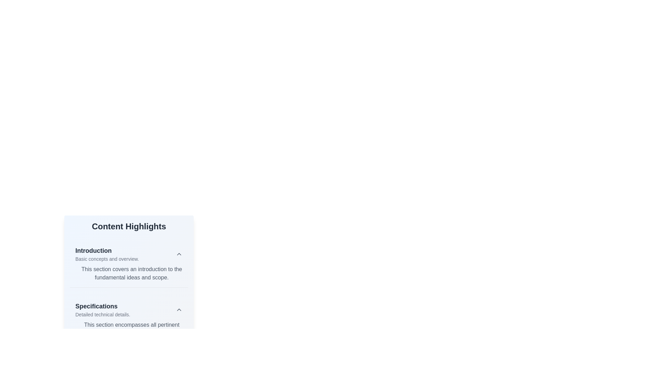  I want to click on the descriptive text block that reads: "This section covers an introduction to the fundamental ideas and scope," located in the "Content Highlights" area, specifically under the "Introduction" section, so click(129, 273).